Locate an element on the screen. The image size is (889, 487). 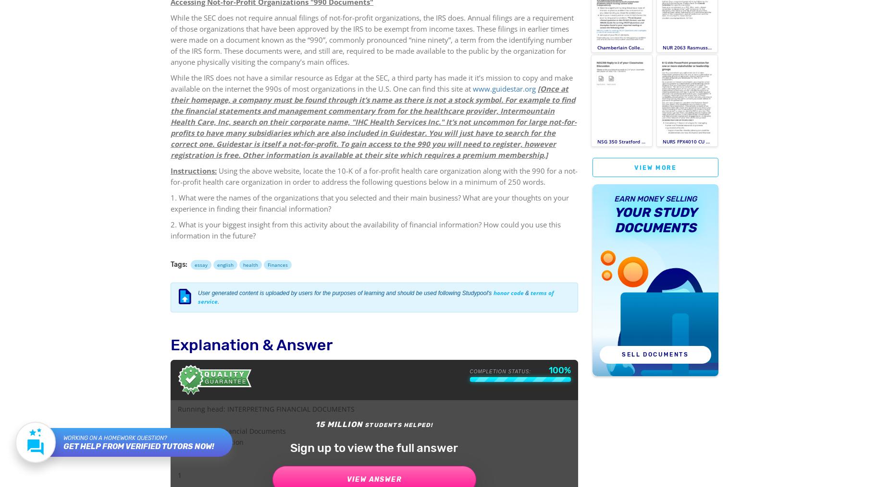
'View more' is located at coordinates (633, 167).